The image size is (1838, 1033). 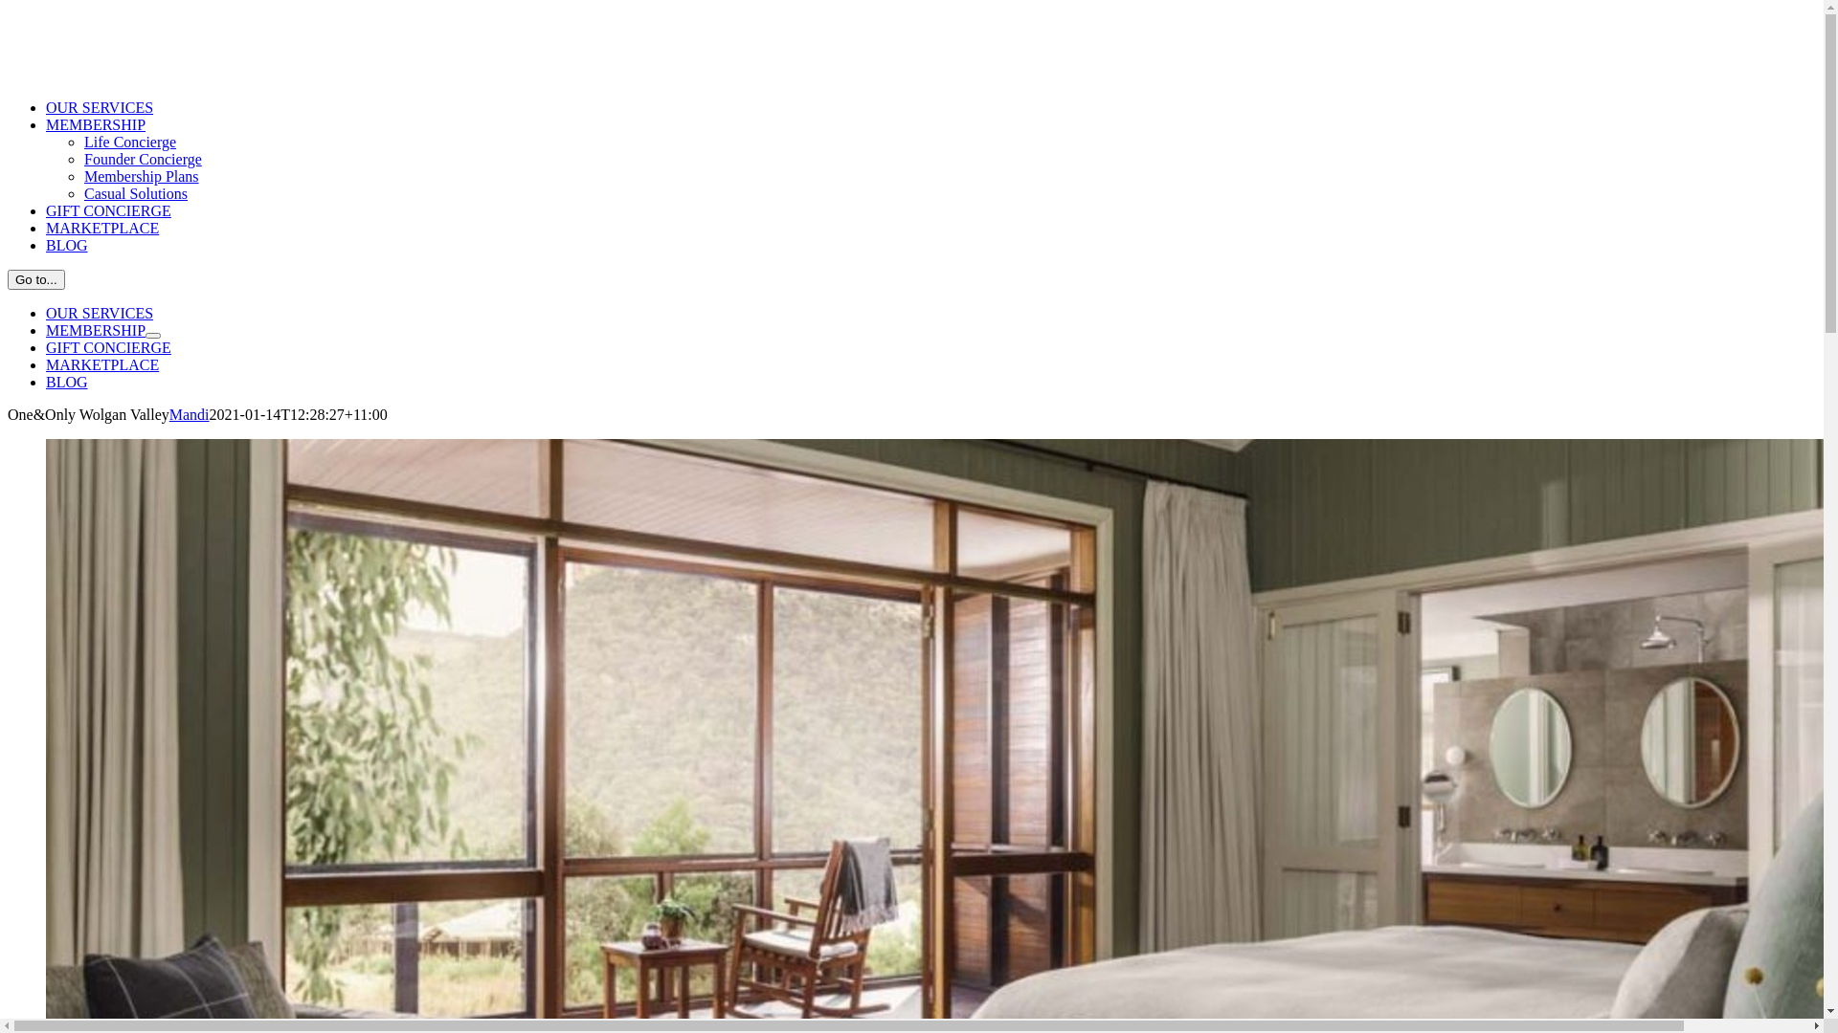 What do you see at coordinates (46, 382) in the screenshot?
I see `'BLOG'` at bounding box center [46, 382].